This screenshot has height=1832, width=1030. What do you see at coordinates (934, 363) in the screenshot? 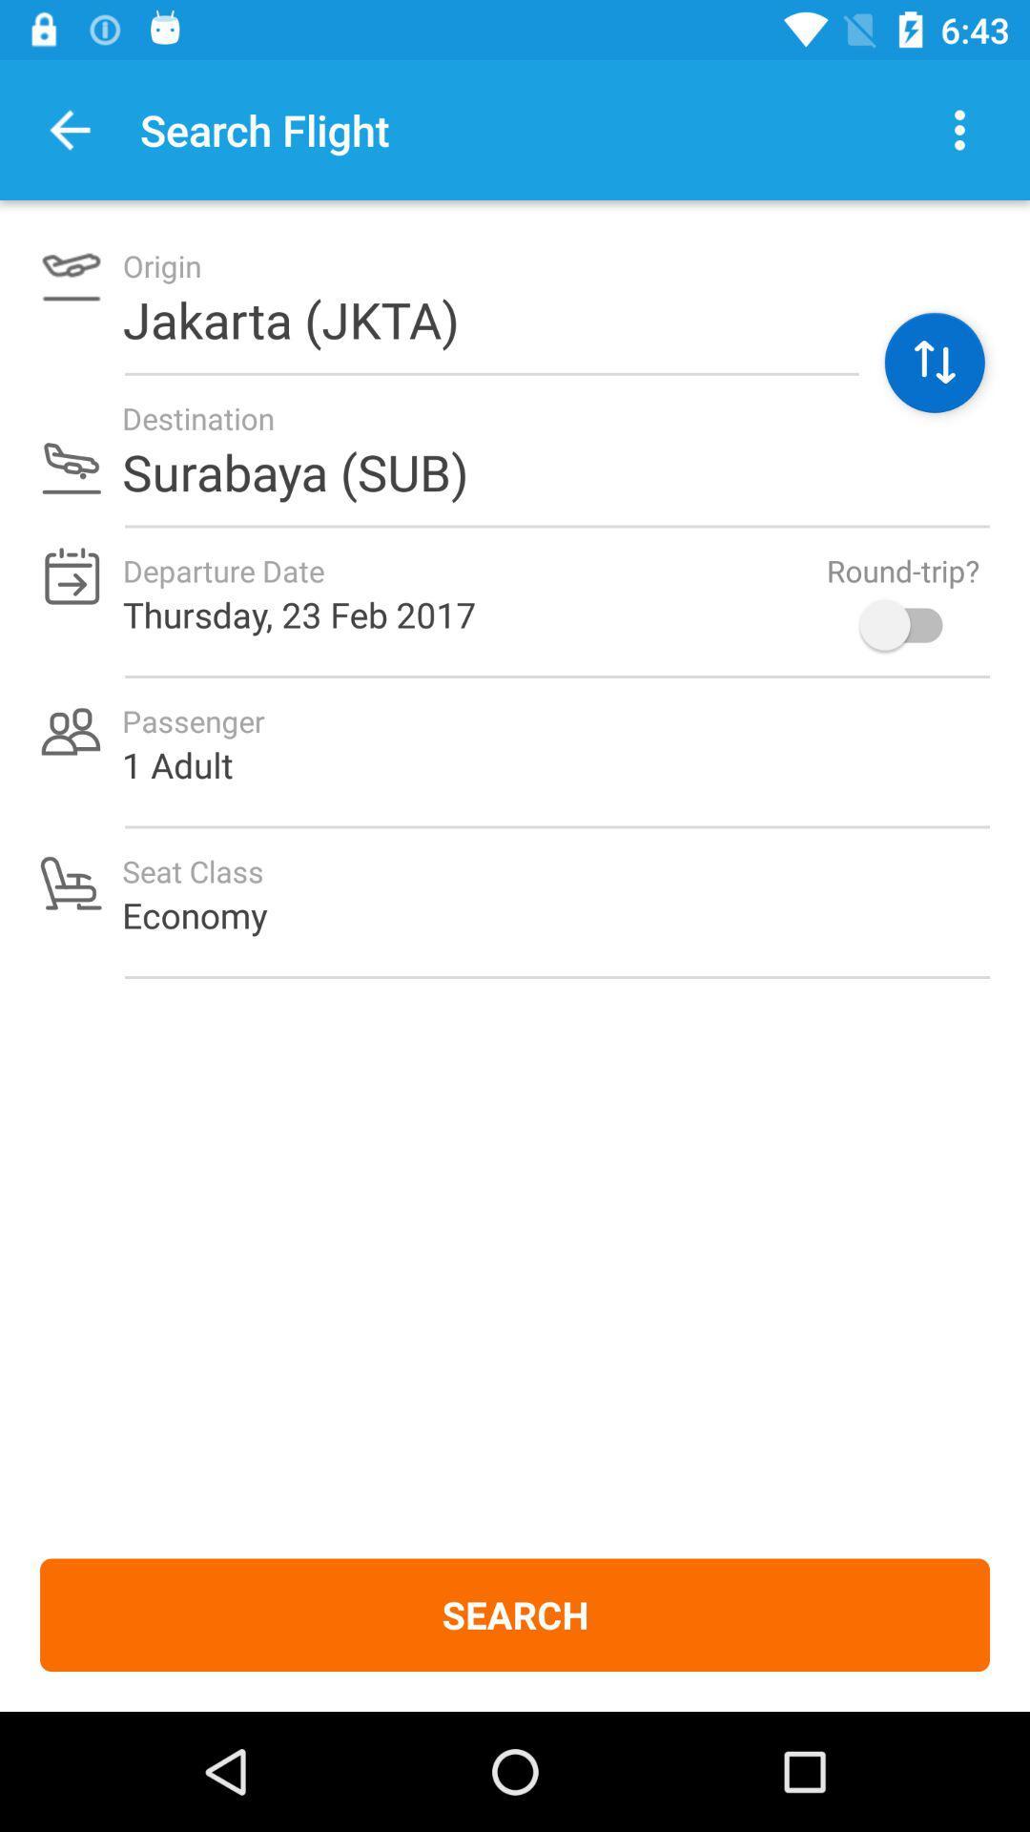
I see `swap places` at bounding box center [934, 363].